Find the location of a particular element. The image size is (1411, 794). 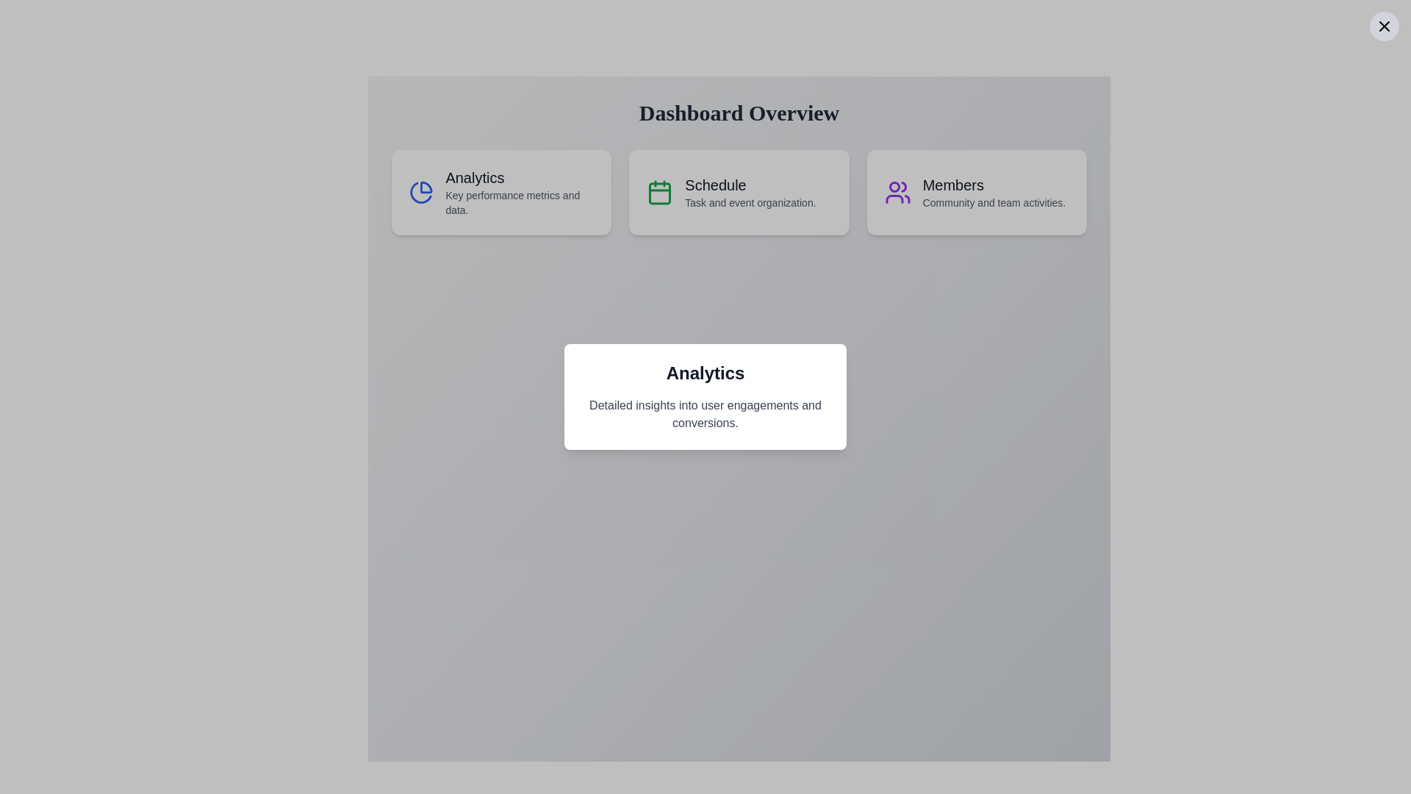

the group of user icons outlined in purple within the 'Members' card in the dashboard overview is located at coordinates (897, 192).